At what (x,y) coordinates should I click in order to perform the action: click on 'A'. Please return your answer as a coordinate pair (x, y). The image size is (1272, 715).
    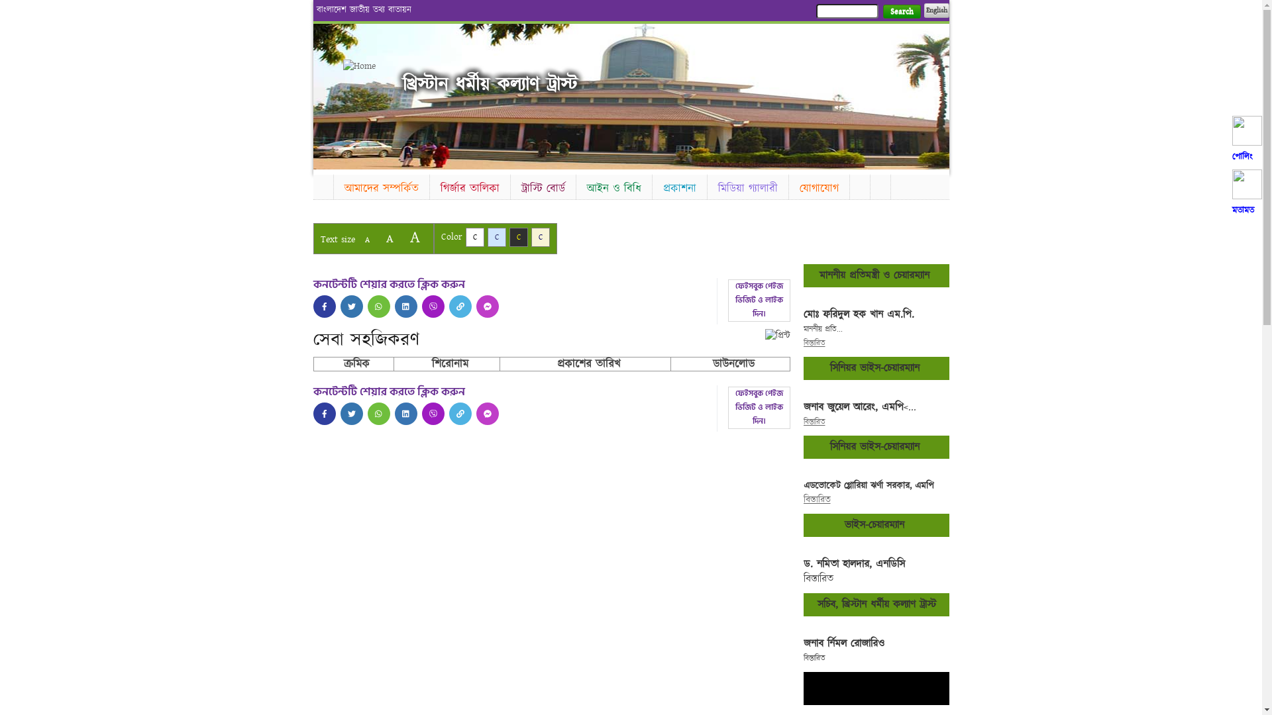
    Looking at the image, I should click on (366, 240).